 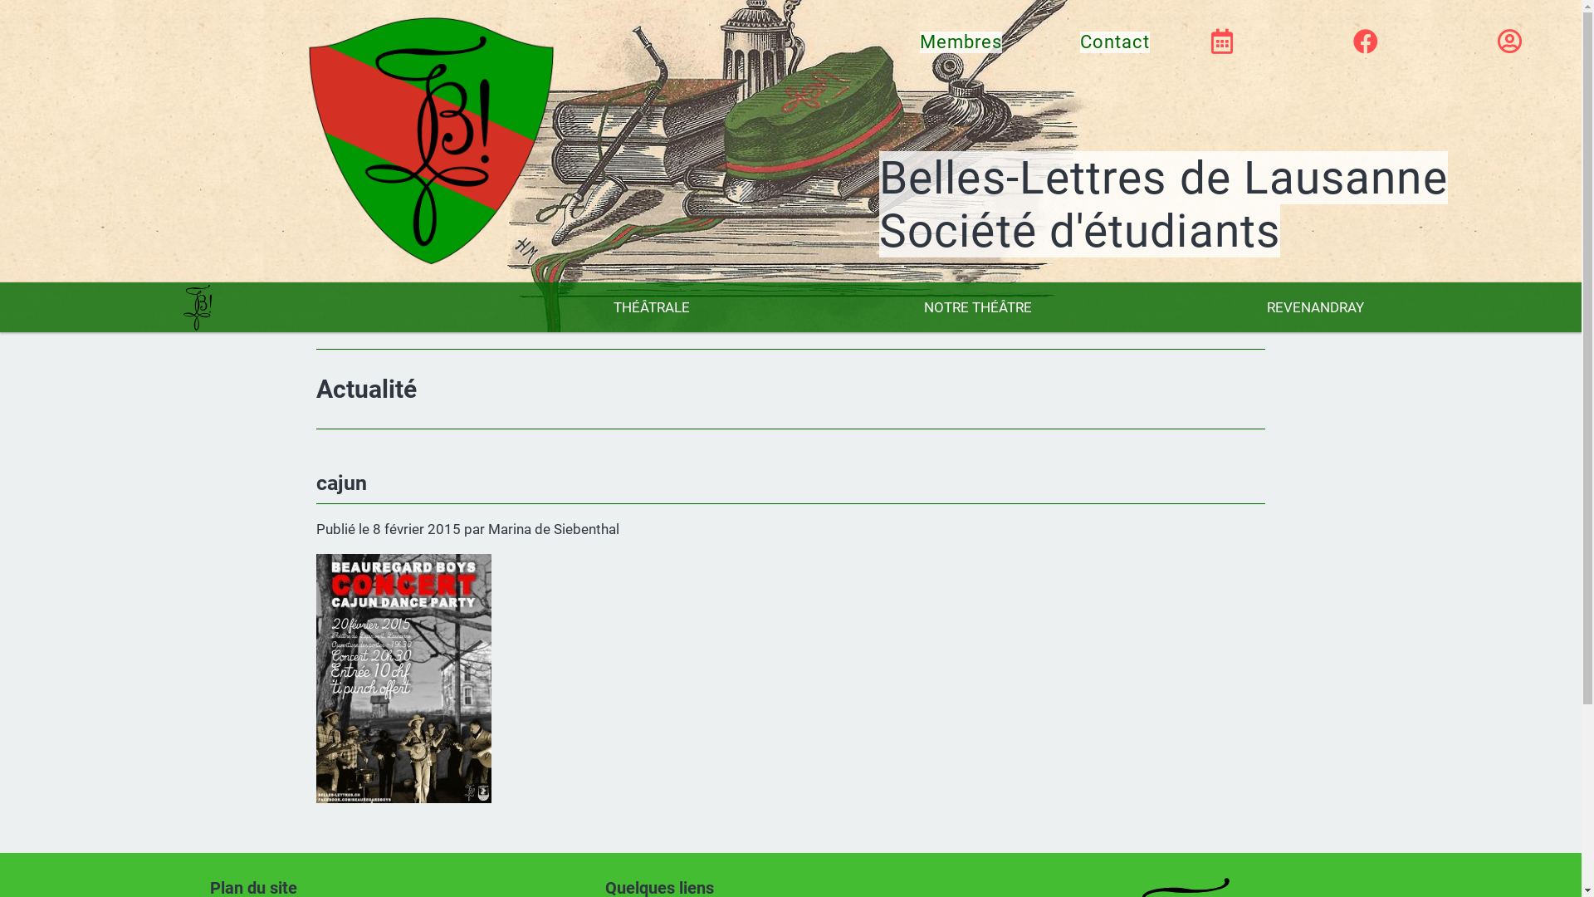 What do you see at coordinates (919, 41) in the screenshot?
I see `'Membres'` at bounding box center [919, 41].